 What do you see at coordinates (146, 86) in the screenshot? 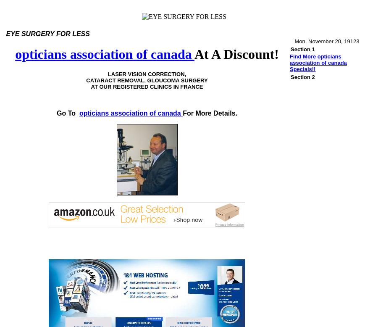
I see `'AT OUR REGISTERED CLINICS IN FRANCE'` at bounding box center [146, 86].